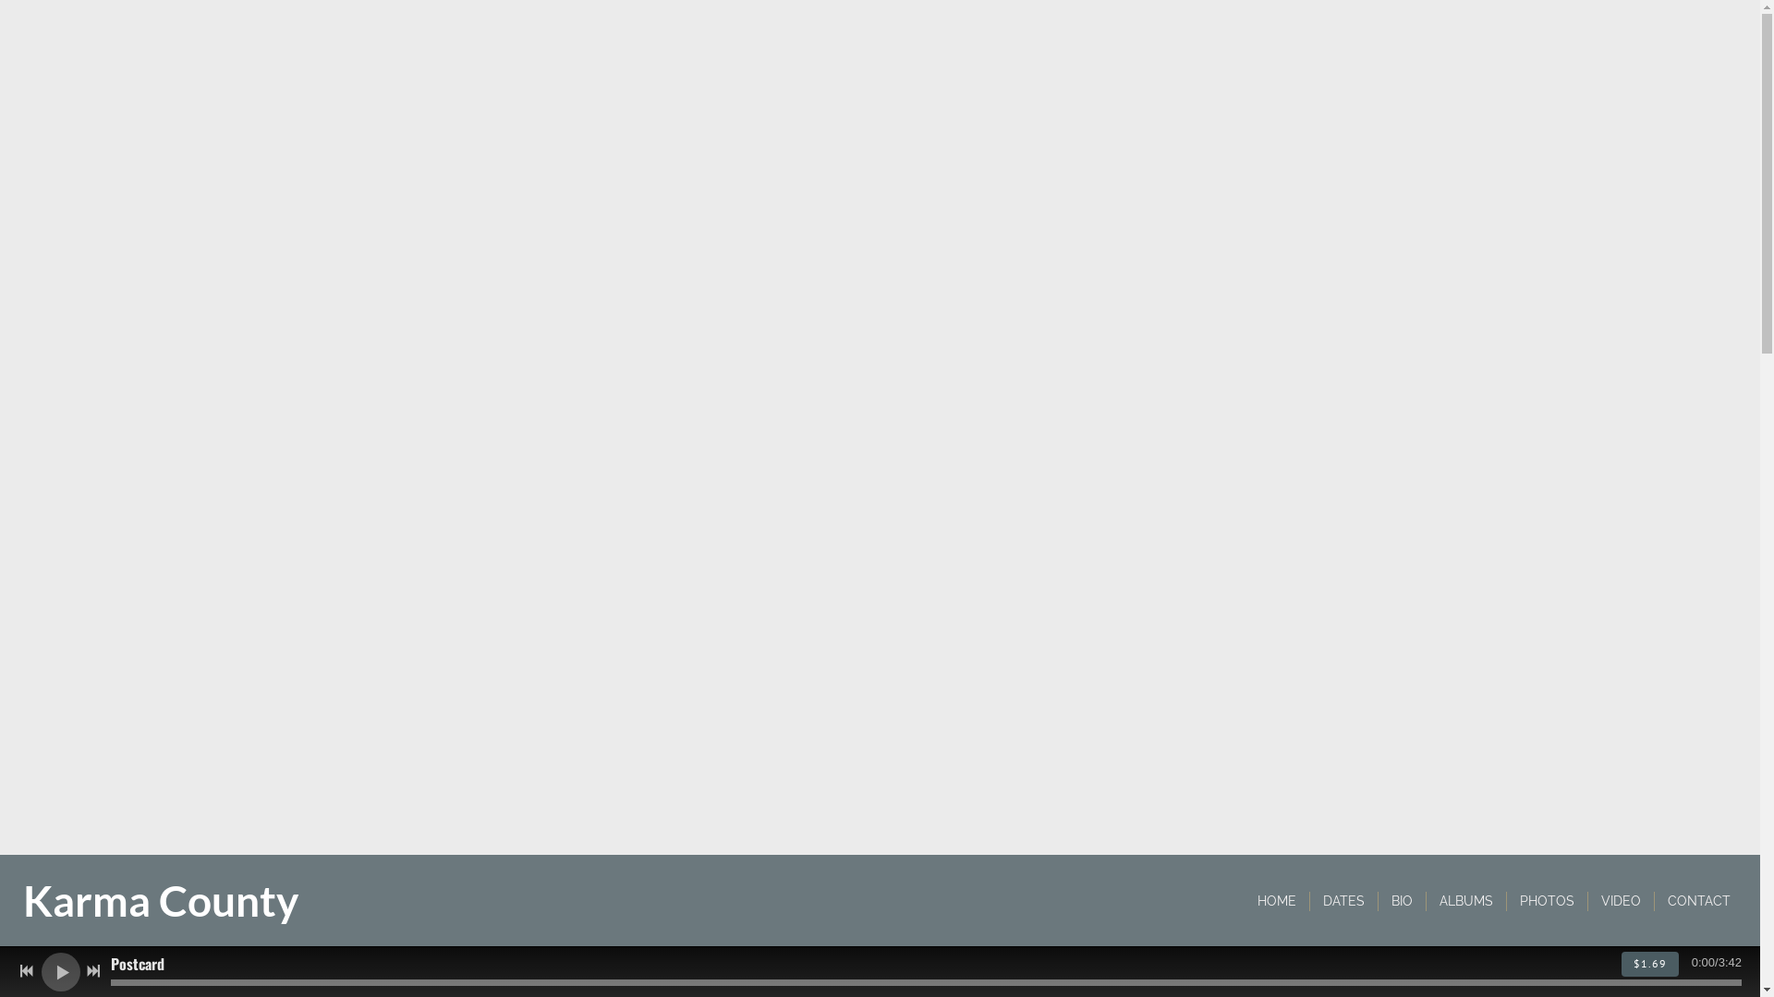 This screenshot has height=997, width=1774. Describe the element at coordinates (161, 907) in the screenshot. I see `'Karma County'` at that location.